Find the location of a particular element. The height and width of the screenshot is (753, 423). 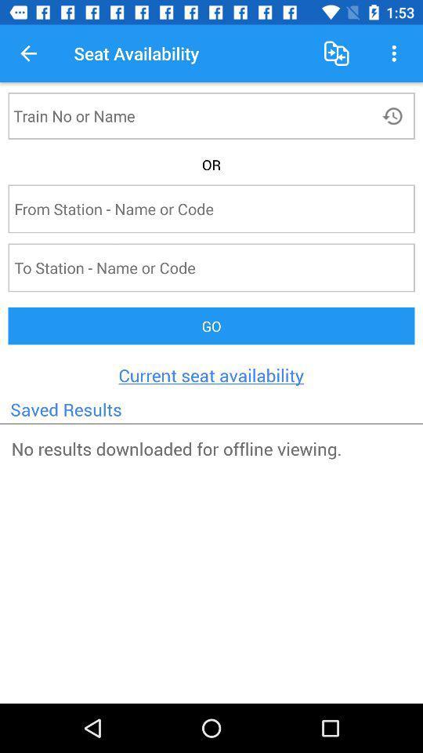

the go icon is located at coordinates (211, 325).